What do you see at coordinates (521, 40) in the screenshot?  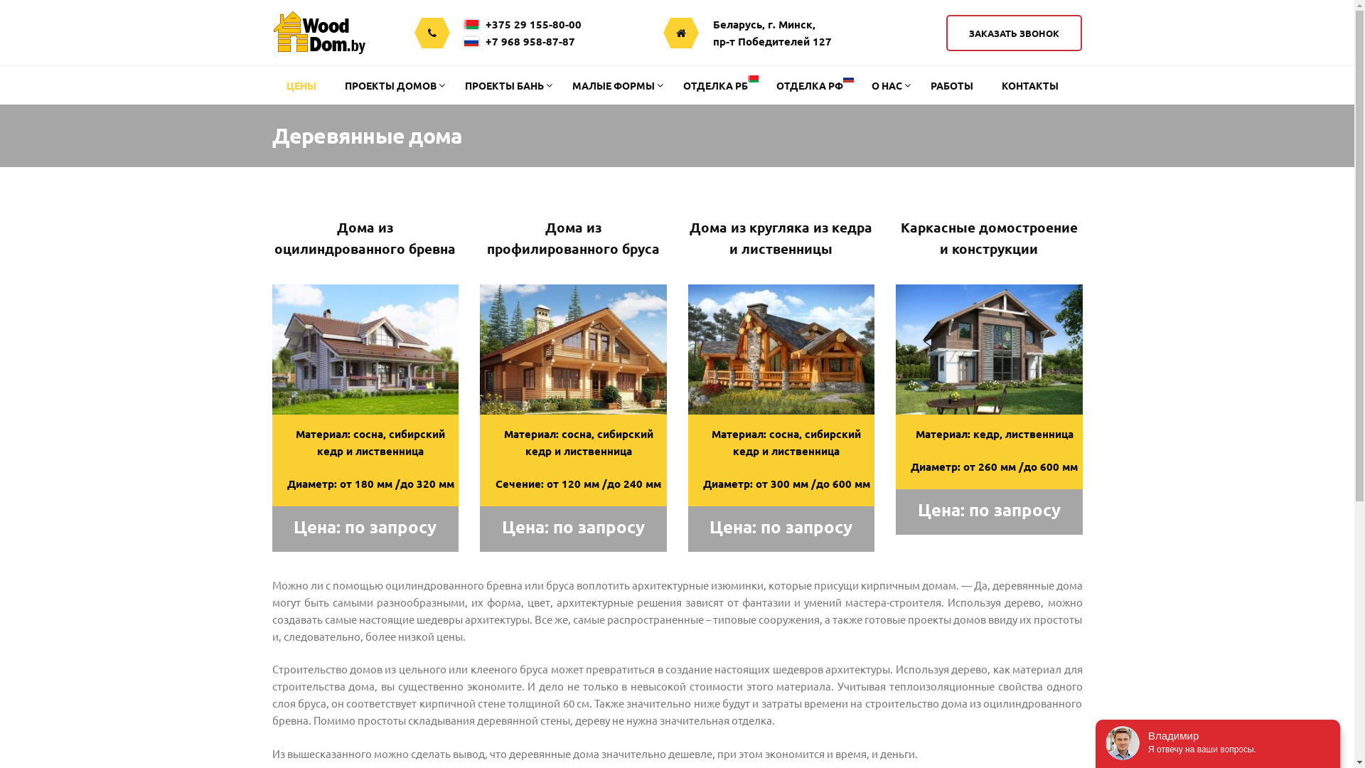 I see `'+7 968 958-87-87'` at bounding box center [521, 40].